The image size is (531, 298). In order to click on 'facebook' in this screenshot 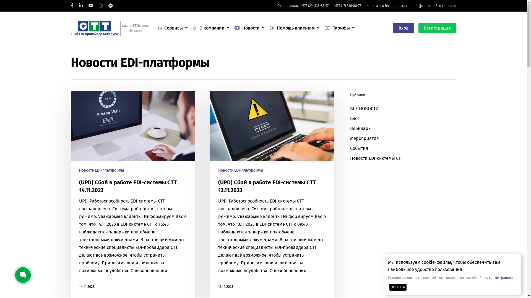, I will do `click(70, 6)`.